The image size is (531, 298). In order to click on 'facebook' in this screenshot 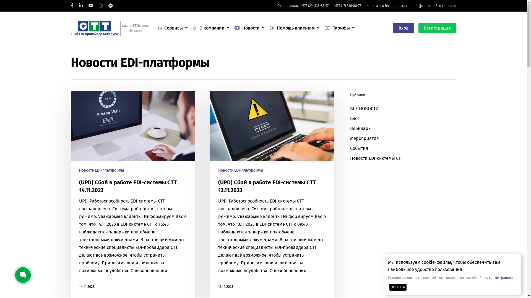, I will do `click(70, 6)`.